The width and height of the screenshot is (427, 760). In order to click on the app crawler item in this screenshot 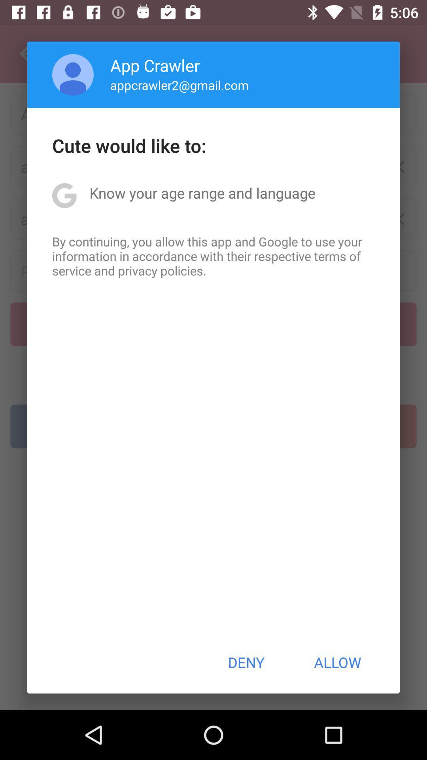, I will do `click(155, 65)`.